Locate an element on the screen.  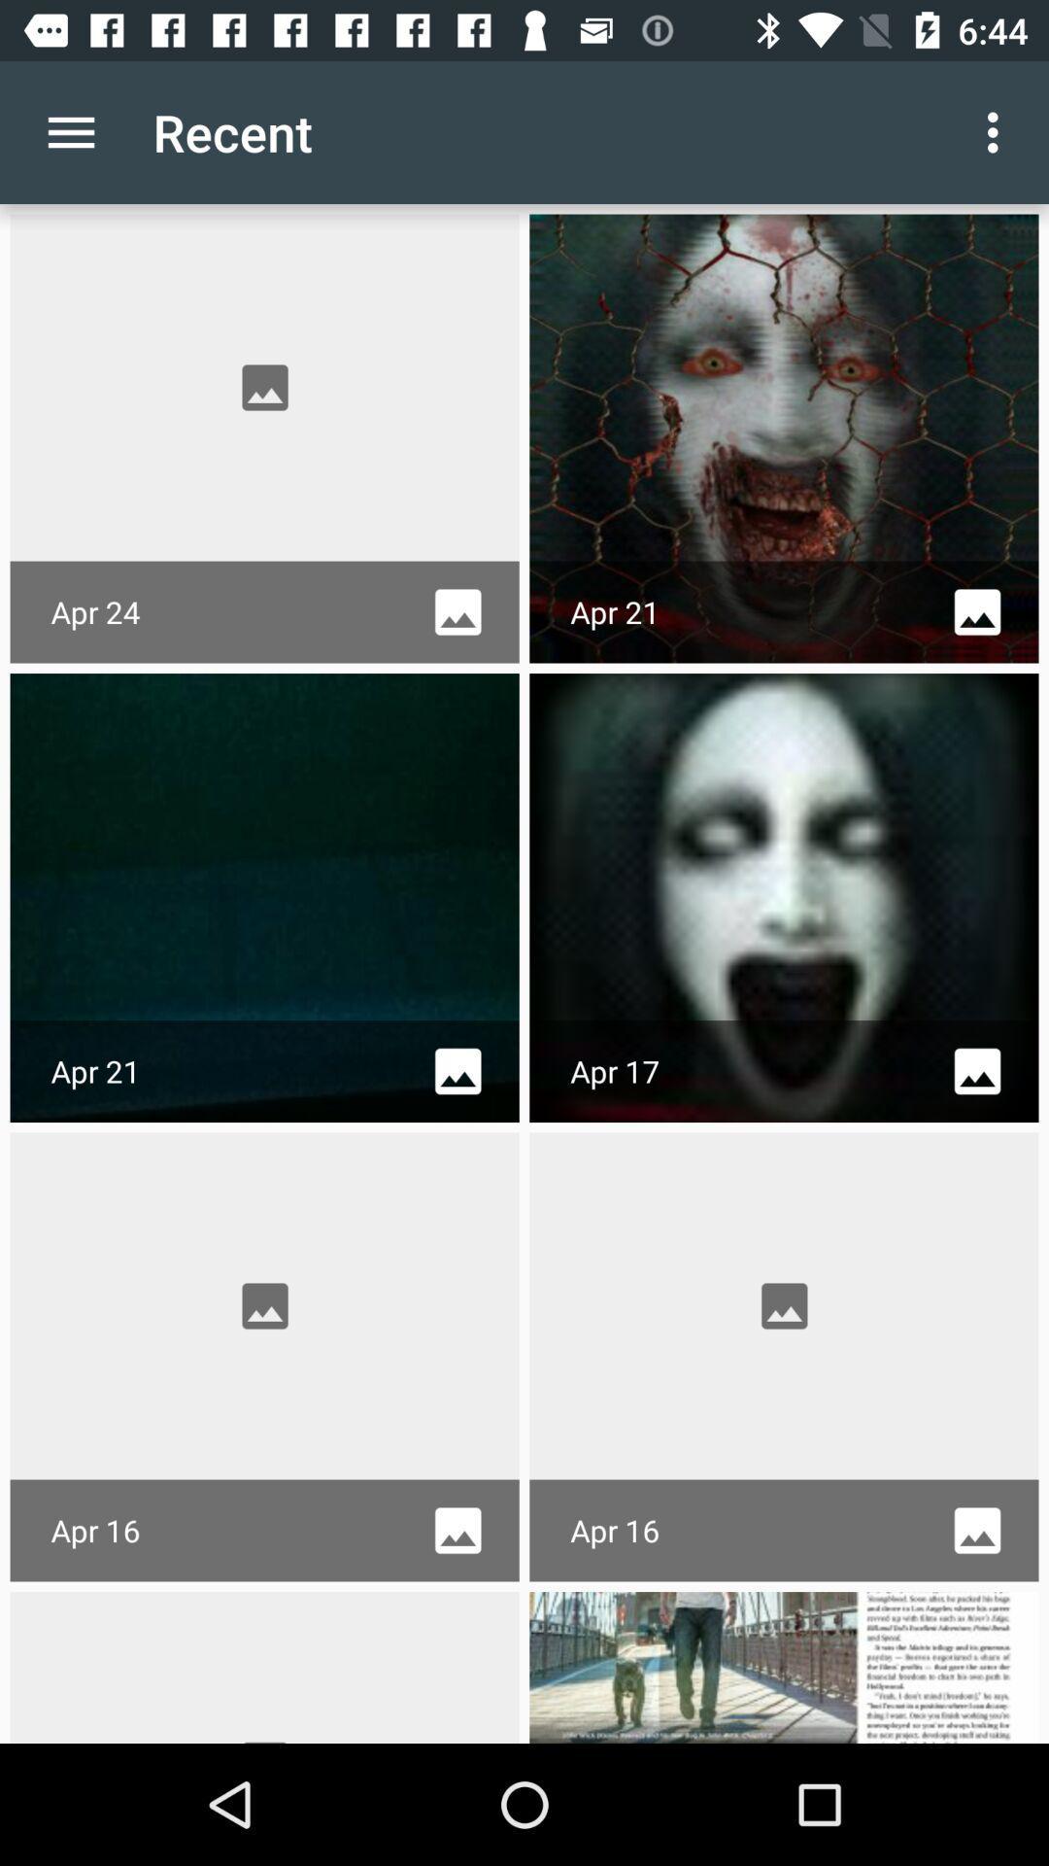
app next to recent is located at coordinates (998, 131).